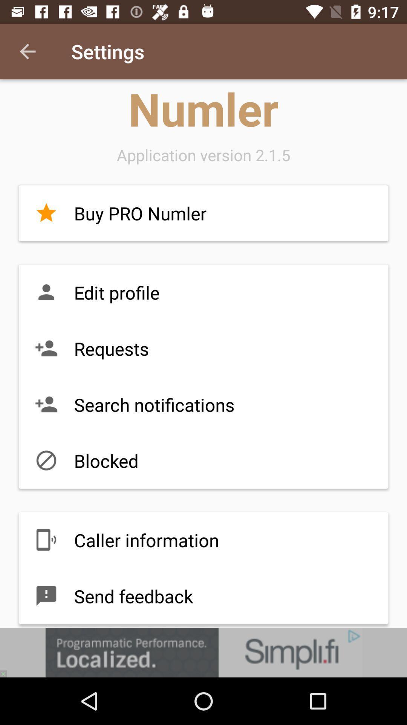  I want to click on the minus icon, so click(363, 277).